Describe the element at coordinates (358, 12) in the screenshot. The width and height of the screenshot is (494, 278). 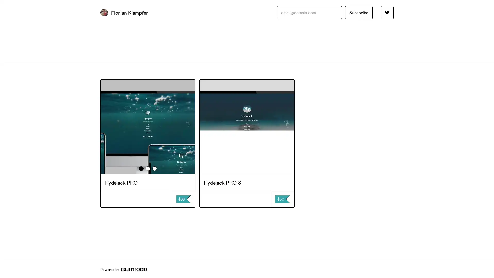
I see `Subscribe` at that location.